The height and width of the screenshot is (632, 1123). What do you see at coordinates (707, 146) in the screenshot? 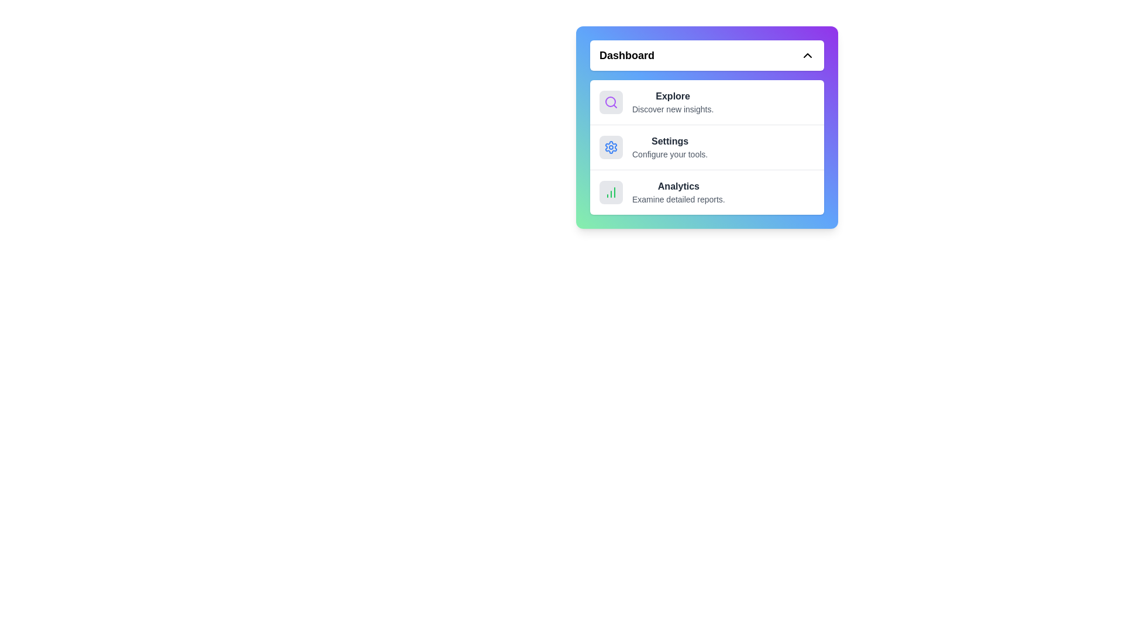
I see `the menu option Settings to view its description` at bounding box center [707, 146].